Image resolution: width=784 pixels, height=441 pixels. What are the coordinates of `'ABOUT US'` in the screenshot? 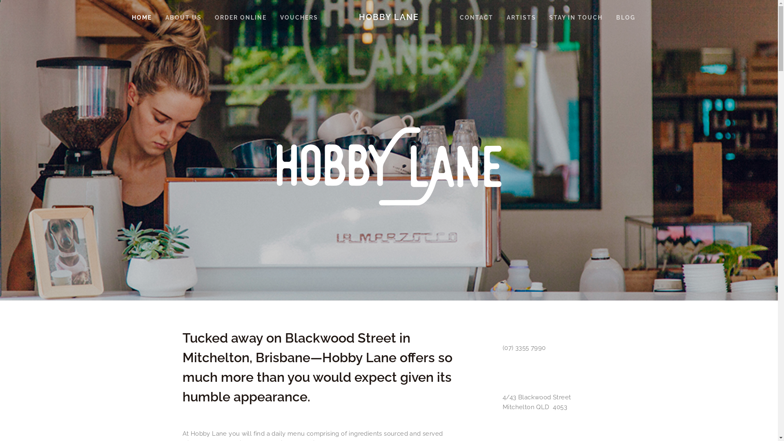 It's located at (183, 17).